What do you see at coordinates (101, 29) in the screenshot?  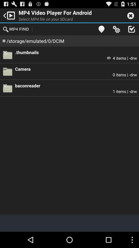 I see `item to the right of select mp4 file icon` at bounding box center [101, 29].